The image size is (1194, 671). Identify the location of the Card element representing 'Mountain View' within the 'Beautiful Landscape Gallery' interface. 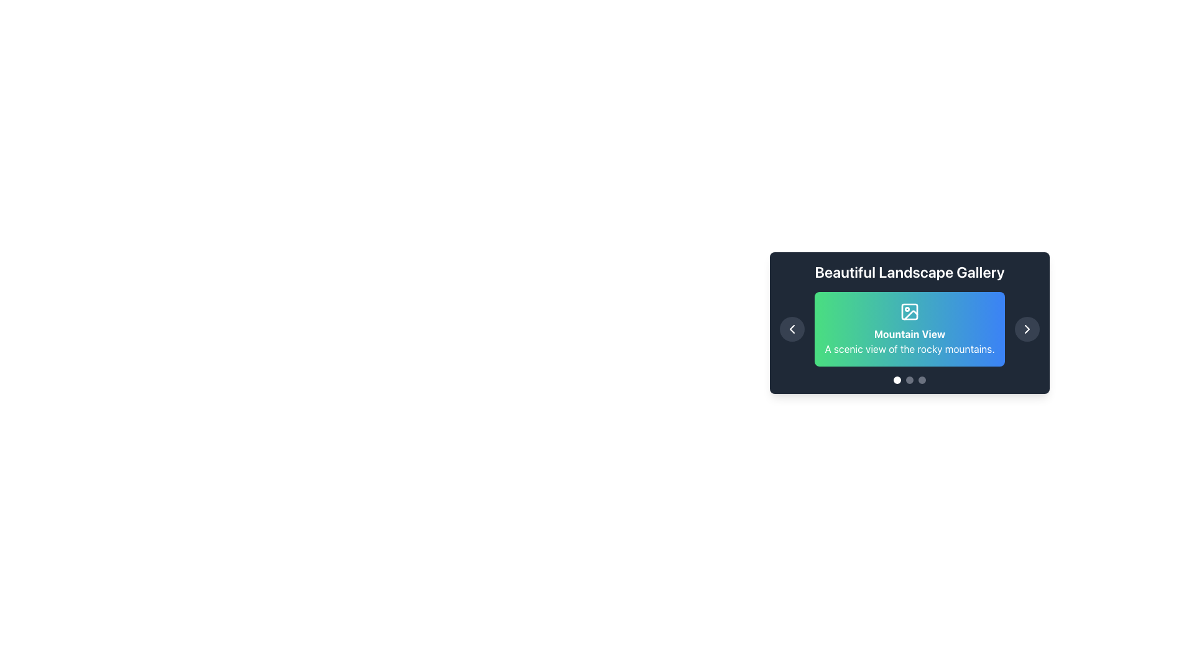
(910, 328).